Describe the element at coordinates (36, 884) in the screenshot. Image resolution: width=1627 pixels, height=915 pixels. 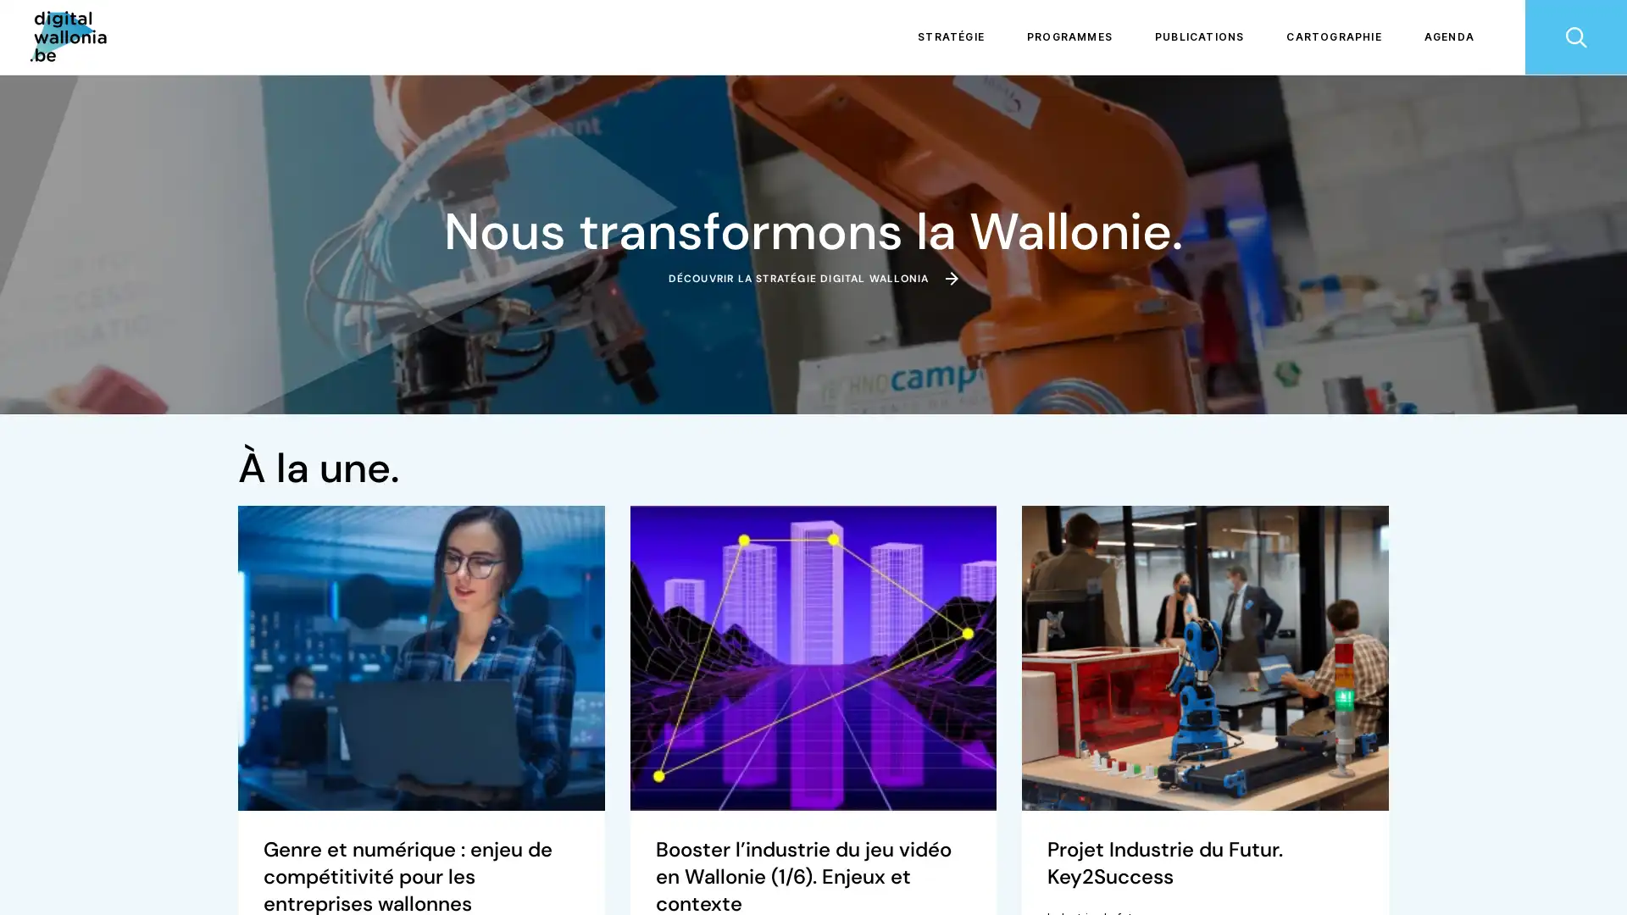
I see `Fermer` at that location.